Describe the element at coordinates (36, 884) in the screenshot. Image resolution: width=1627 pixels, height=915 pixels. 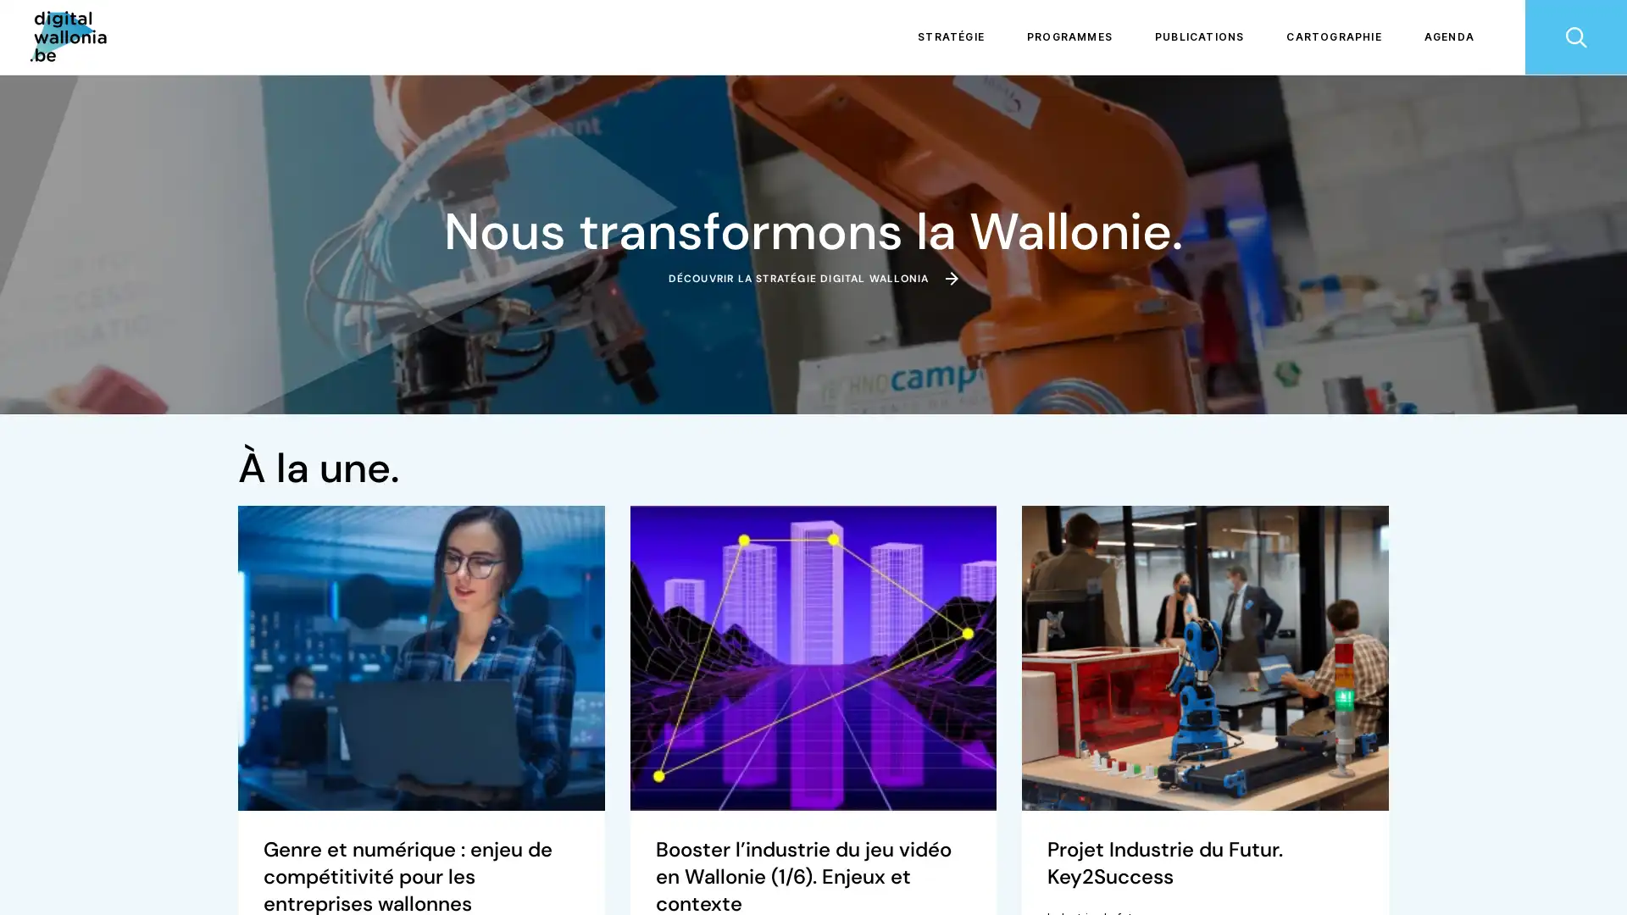
I see `Fermer` at that location.